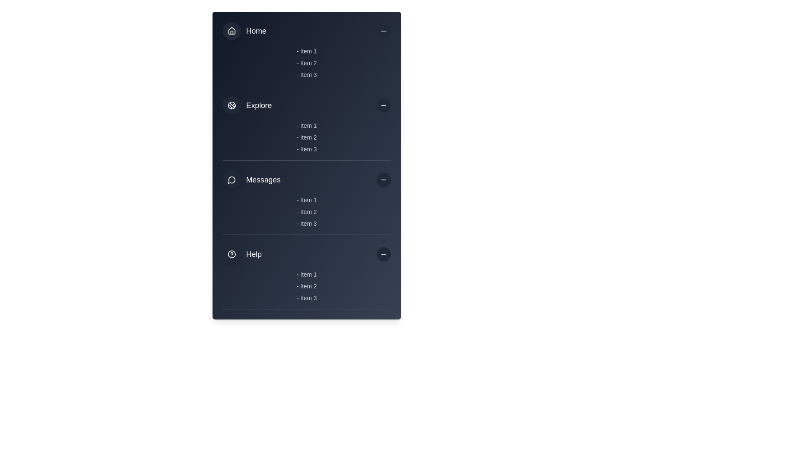 The image size is (808, 454). What do you see at coordinates (232, 254) in the screenshot?
I see `the circular help icon with a question mark symbol, positioned to the left of the 'Help' label` at bounding box center [232, 254].